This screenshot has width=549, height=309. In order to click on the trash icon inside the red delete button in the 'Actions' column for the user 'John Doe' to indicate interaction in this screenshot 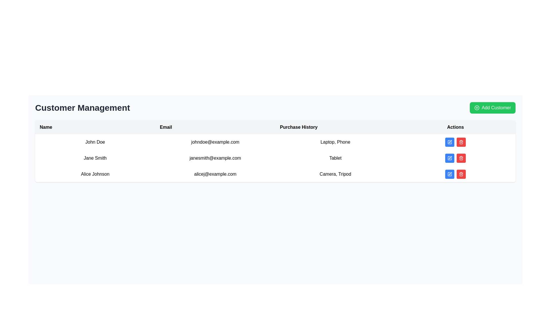, I will do `click(461, 142)`.